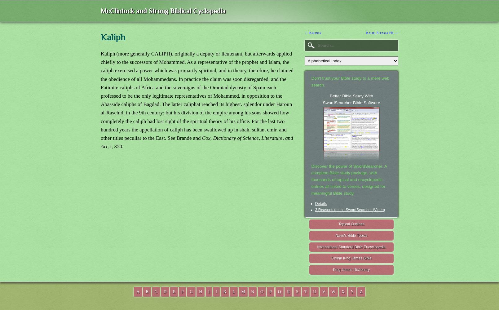  Describe the element at coordinates (224, 291) in the screenshot. I see `'K'` at that location.